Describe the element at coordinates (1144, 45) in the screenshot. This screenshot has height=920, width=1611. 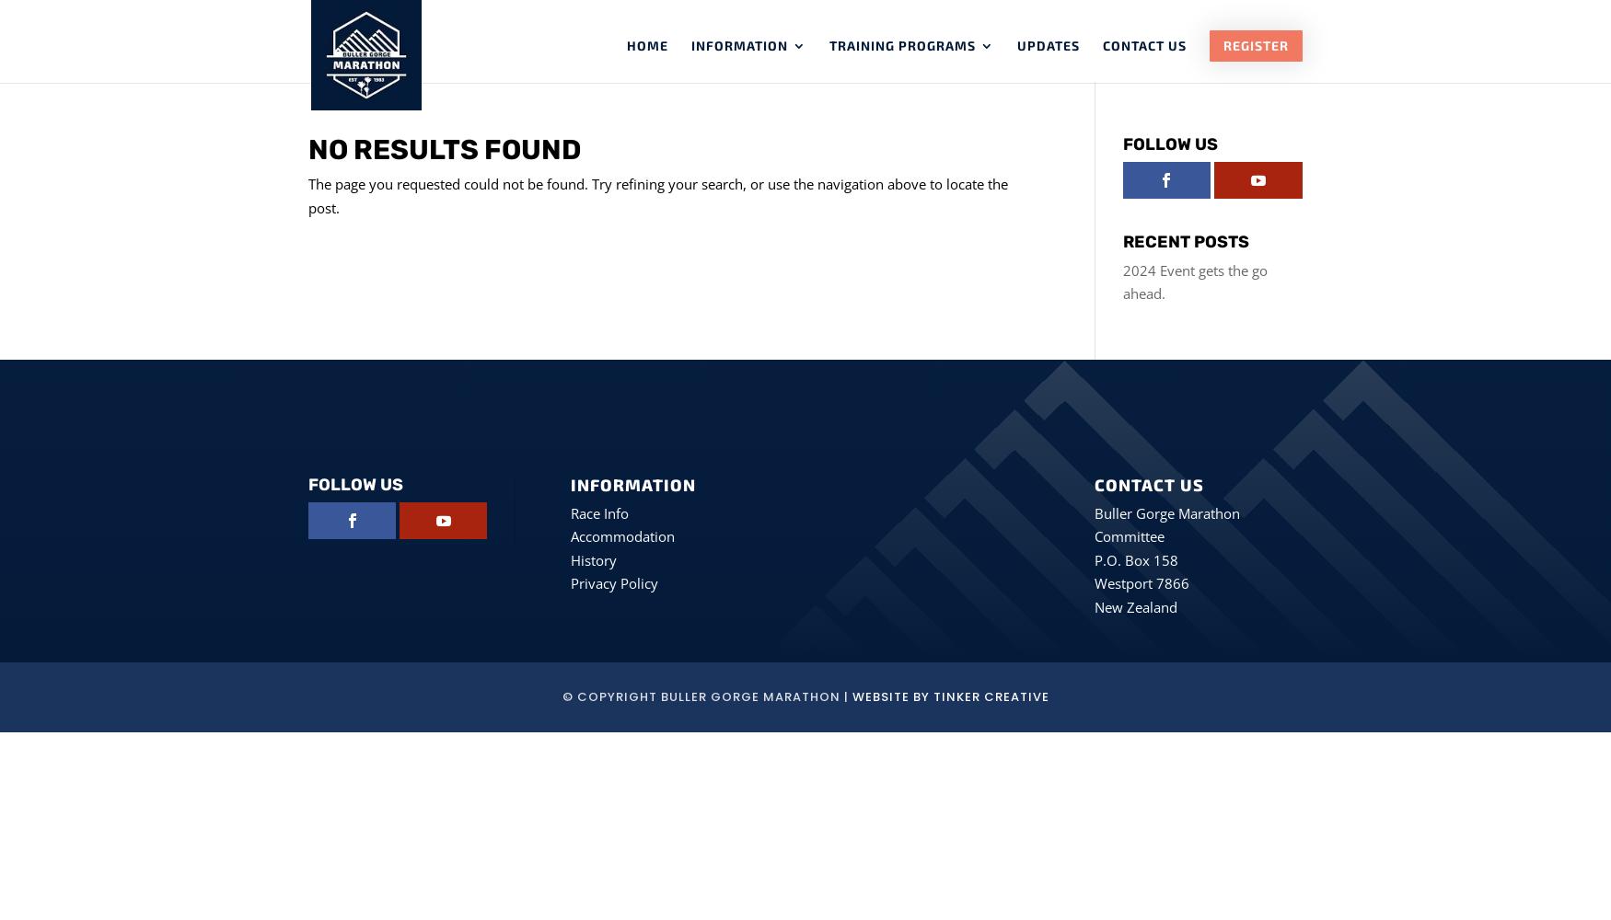
I see `'Contact Us'` at that location.